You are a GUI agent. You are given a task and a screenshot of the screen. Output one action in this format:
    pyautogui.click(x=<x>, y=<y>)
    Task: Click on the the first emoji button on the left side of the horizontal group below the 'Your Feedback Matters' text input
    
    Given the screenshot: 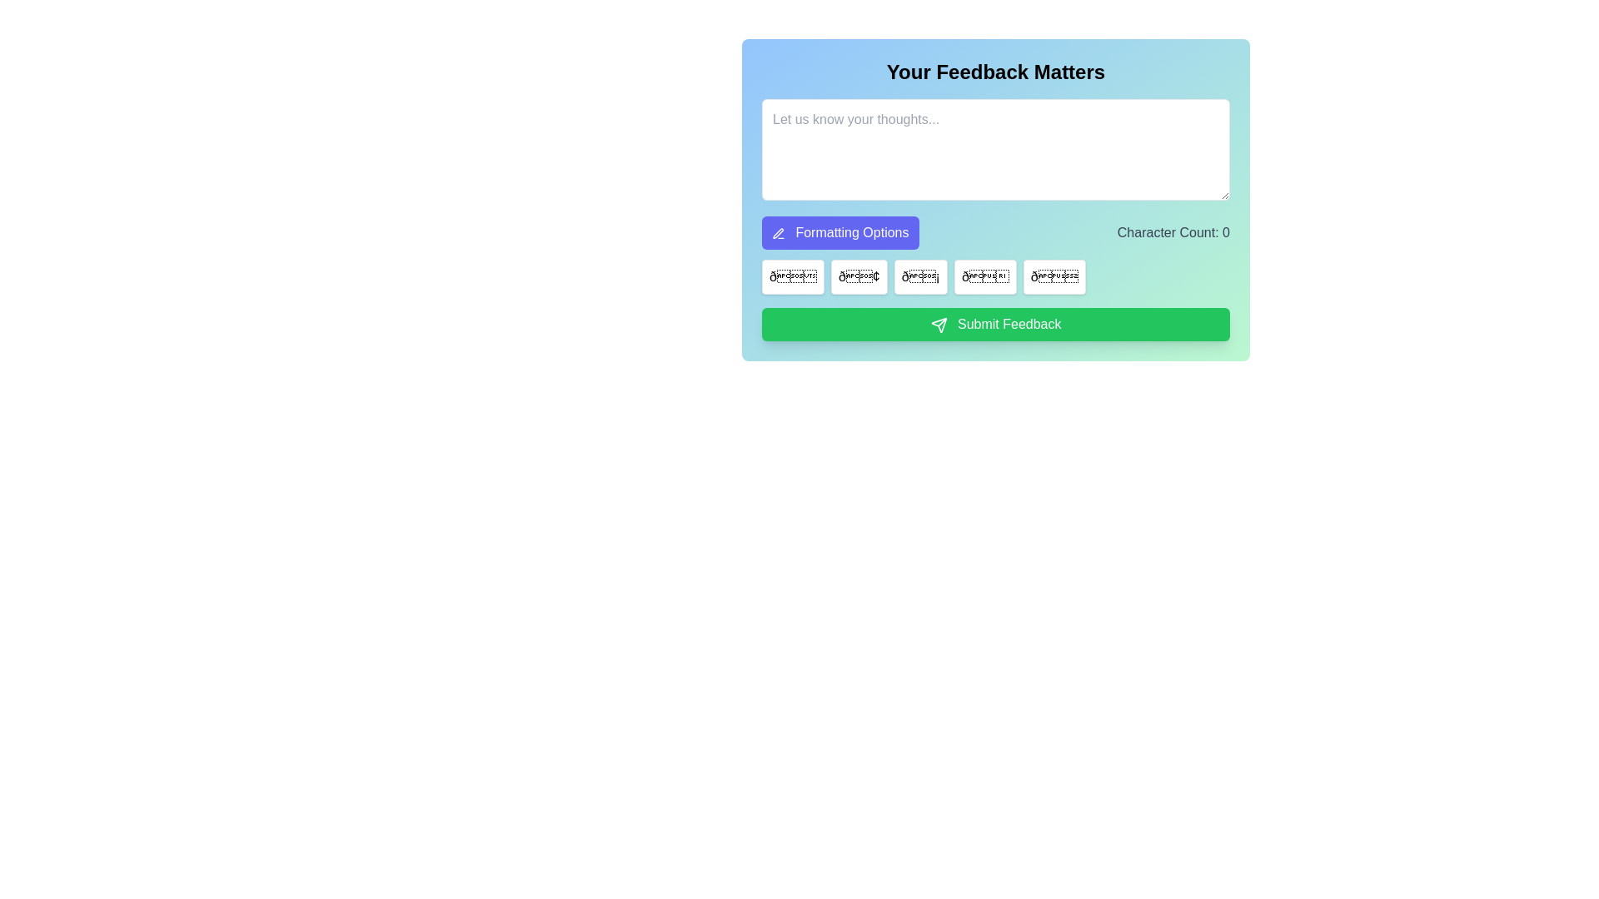 What is the action you would take?
    pyautogui.click(x=791, y=276)
    